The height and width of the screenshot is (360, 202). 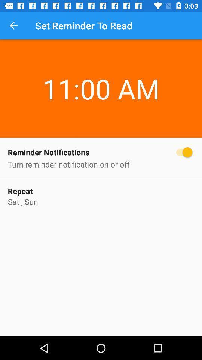 What do you see at coordinates (101, 75) in the screenshot?
I see `the item above the reminder notifications` at bounding box center [101, 75].